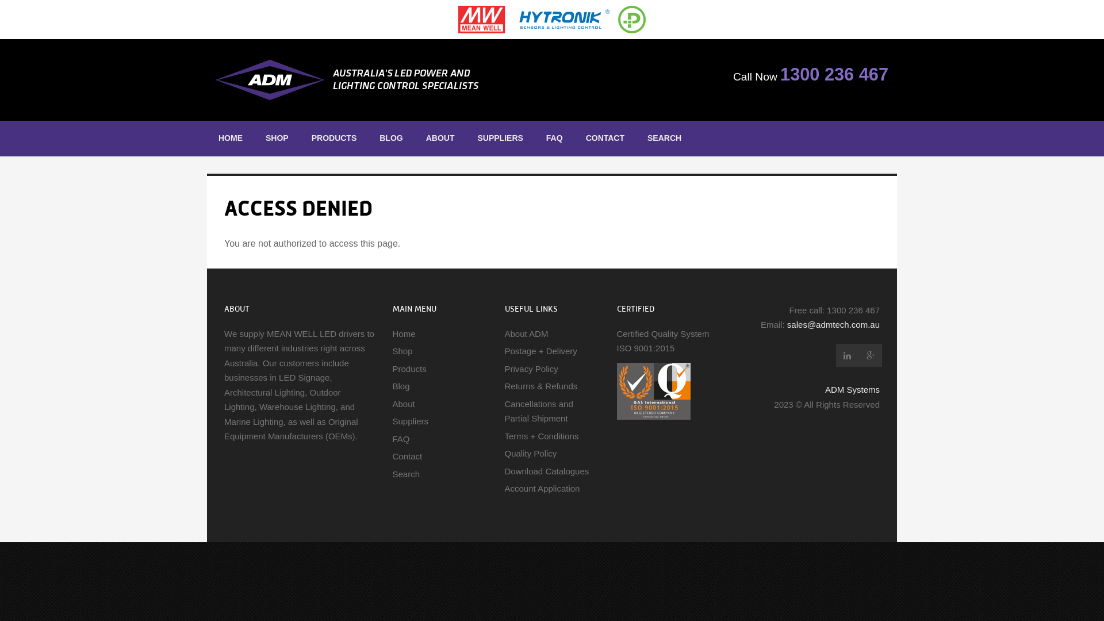 The height and width of the screenshot is (621, 1104). What do you see at coordinates (440, 137) in the screenshot?
I see `'ABOUT'` at bounding box center [440, 137].